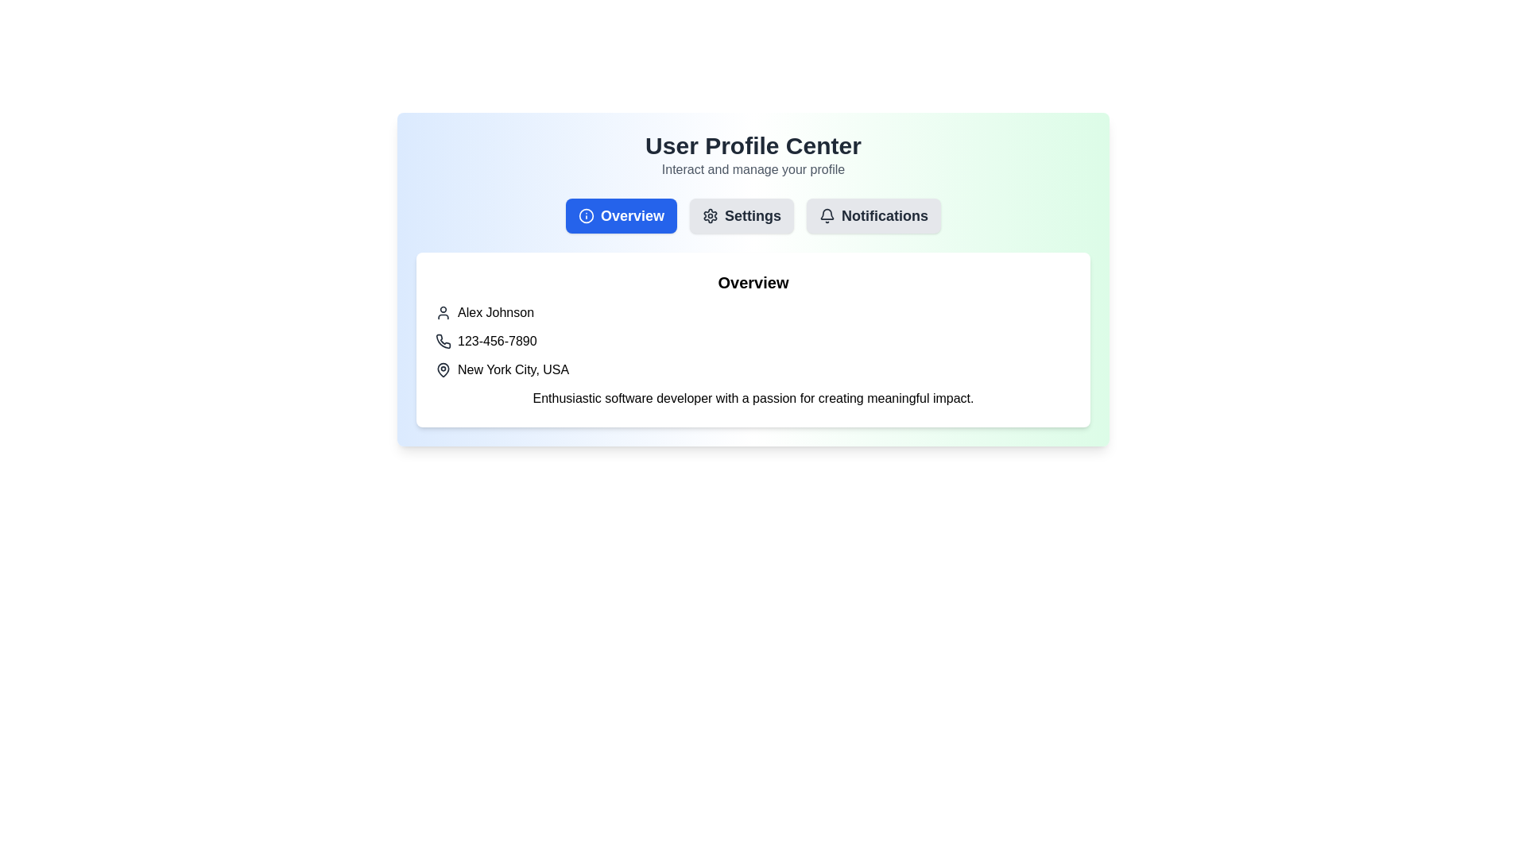 The image size is (1526, 858). What do you see at coordinates (632, 216) in the screenshot?
I see `the 'Overview' button, which is a bold white text on a blue background, located in the top section of the interface as part of the navigation menu` at bounding box center [632, 216].